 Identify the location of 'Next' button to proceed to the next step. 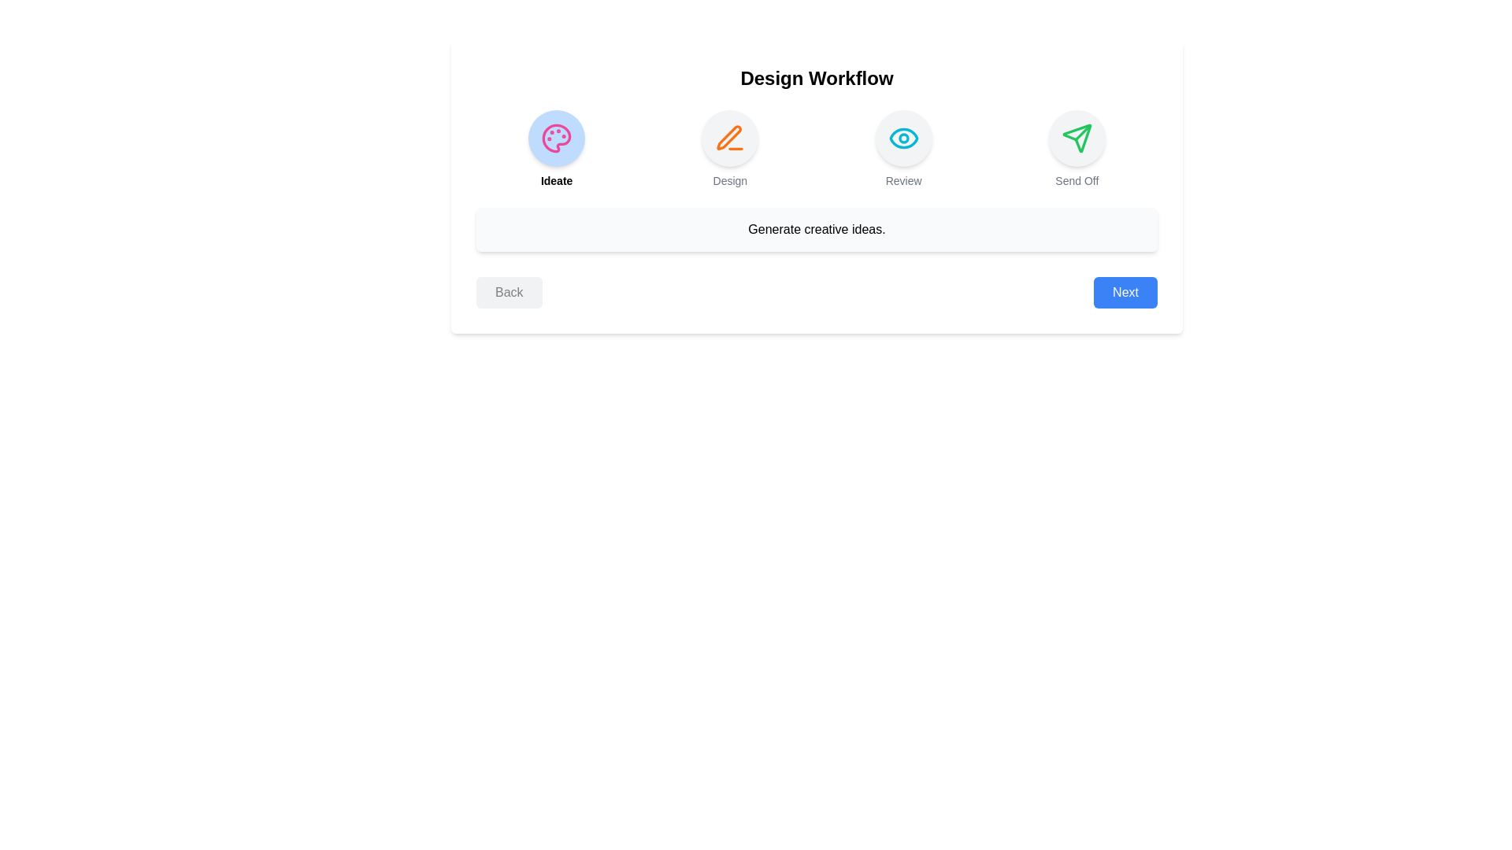
(1125, 292).